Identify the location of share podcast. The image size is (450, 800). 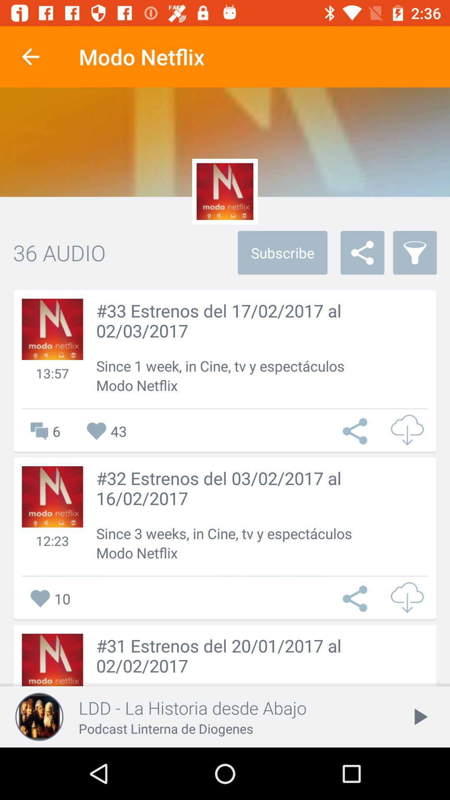
(357, 598).